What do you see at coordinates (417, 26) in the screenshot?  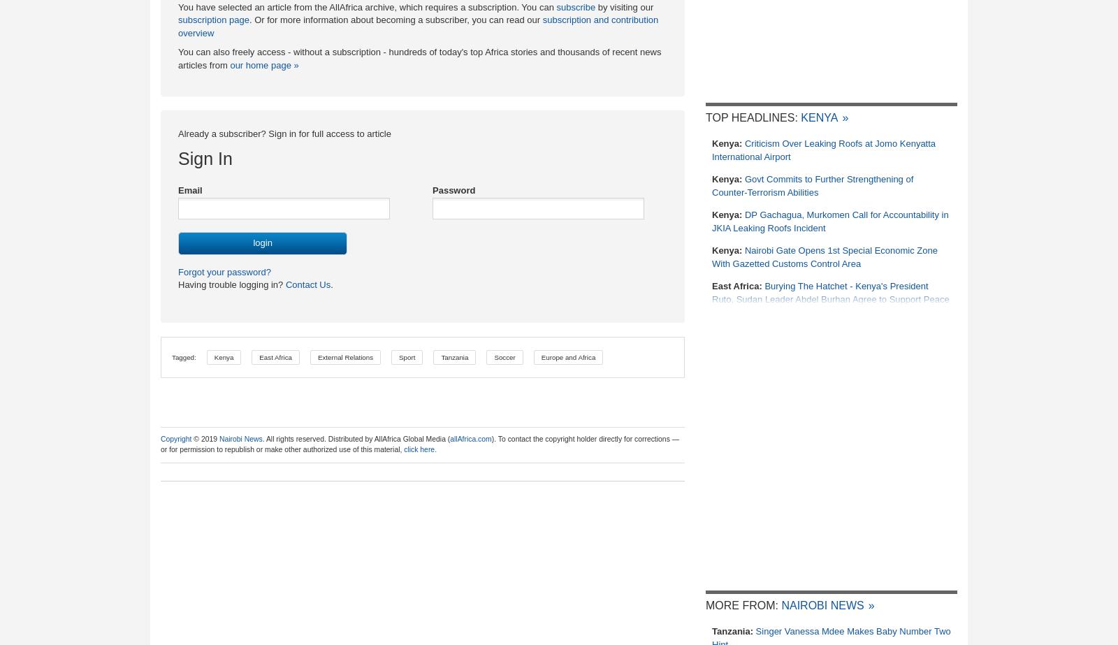 I see `'subscription and contribution overview'` at bounding box center [417, 26].